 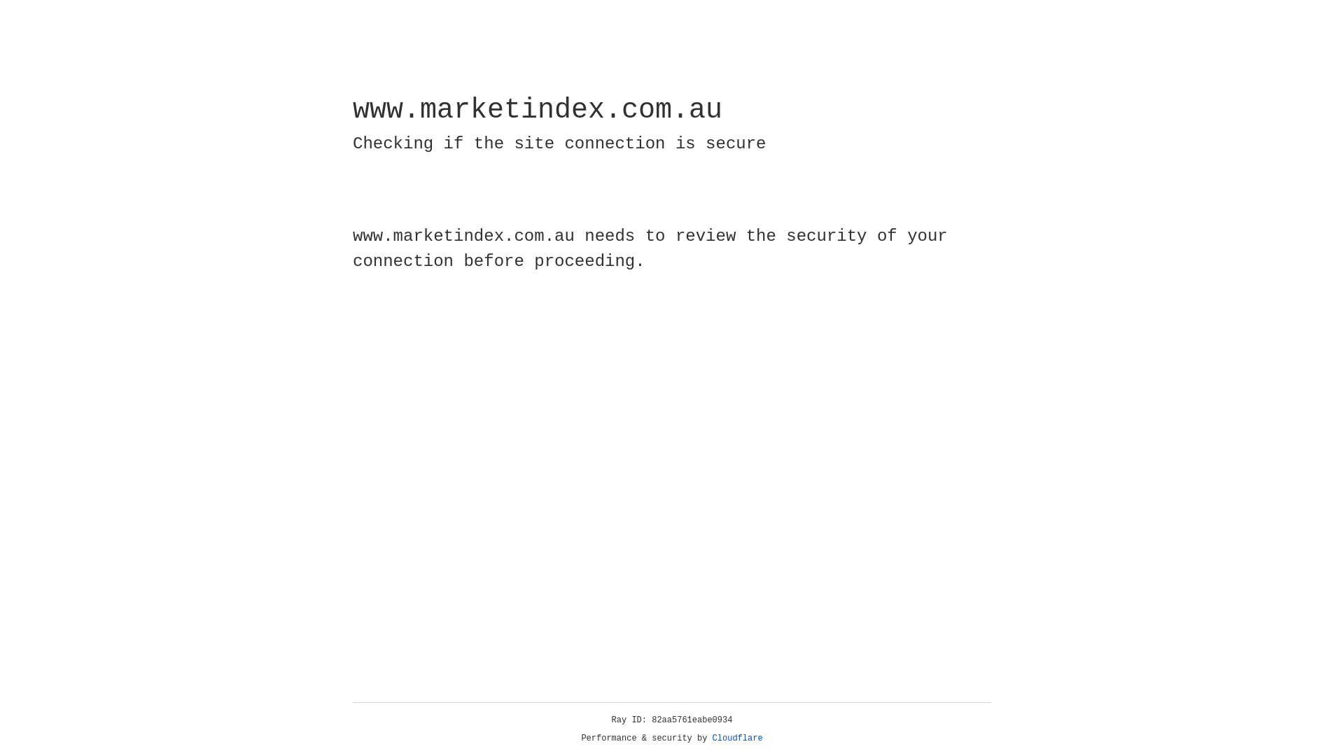 I want to click on 'Cloudflare', so click(x=737, y=738).